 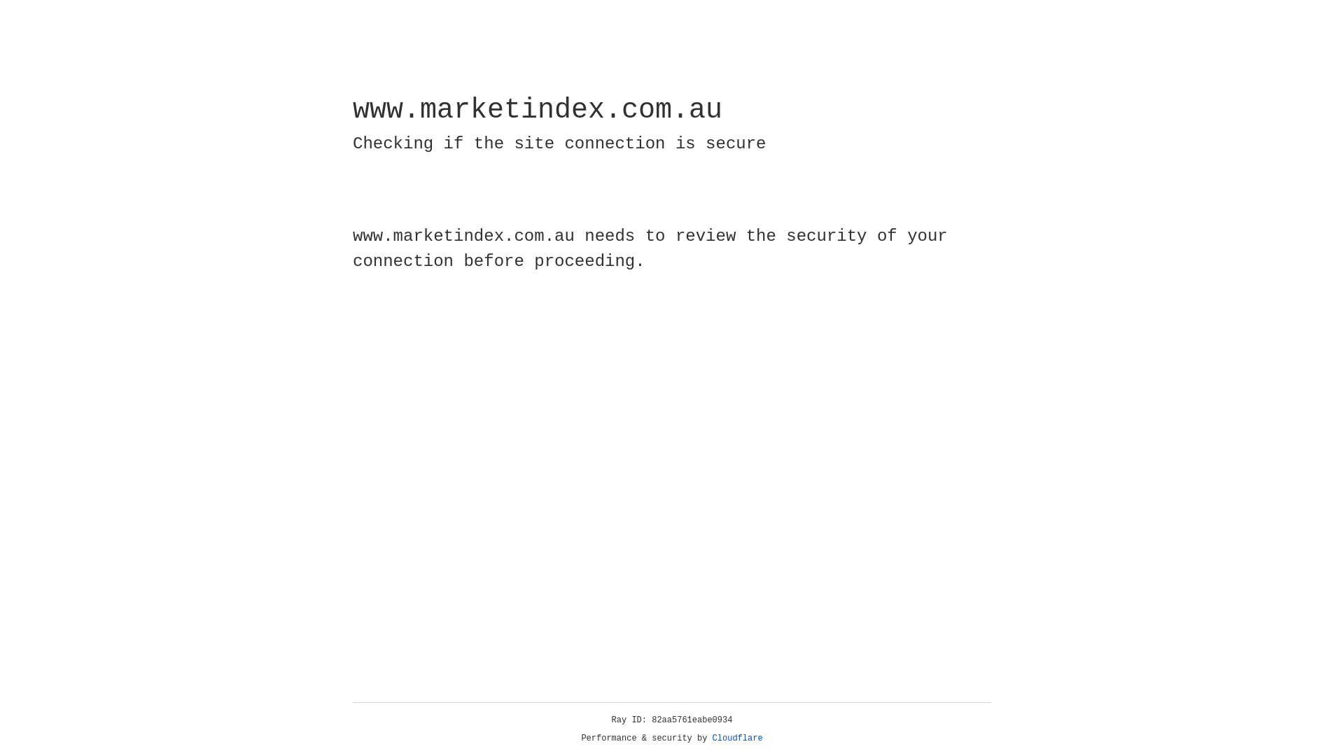 I want to click on 'Cloudflare', so click(x=737, y=738).